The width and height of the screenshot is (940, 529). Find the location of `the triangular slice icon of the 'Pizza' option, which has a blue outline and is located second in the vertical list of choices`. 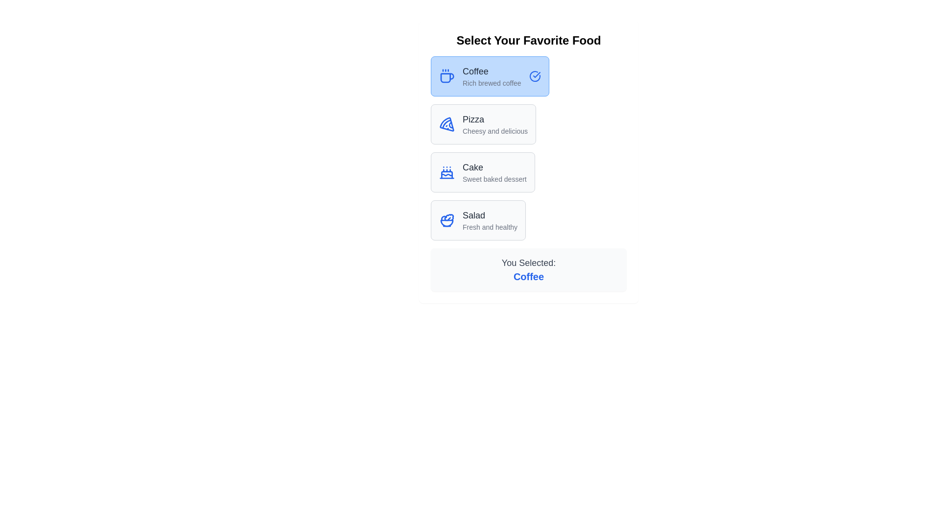

the triangular slice icon of the 'Pizza' option, which has a blue outline and is located second in the vertical list of choices is located at coordinates (446, 124).